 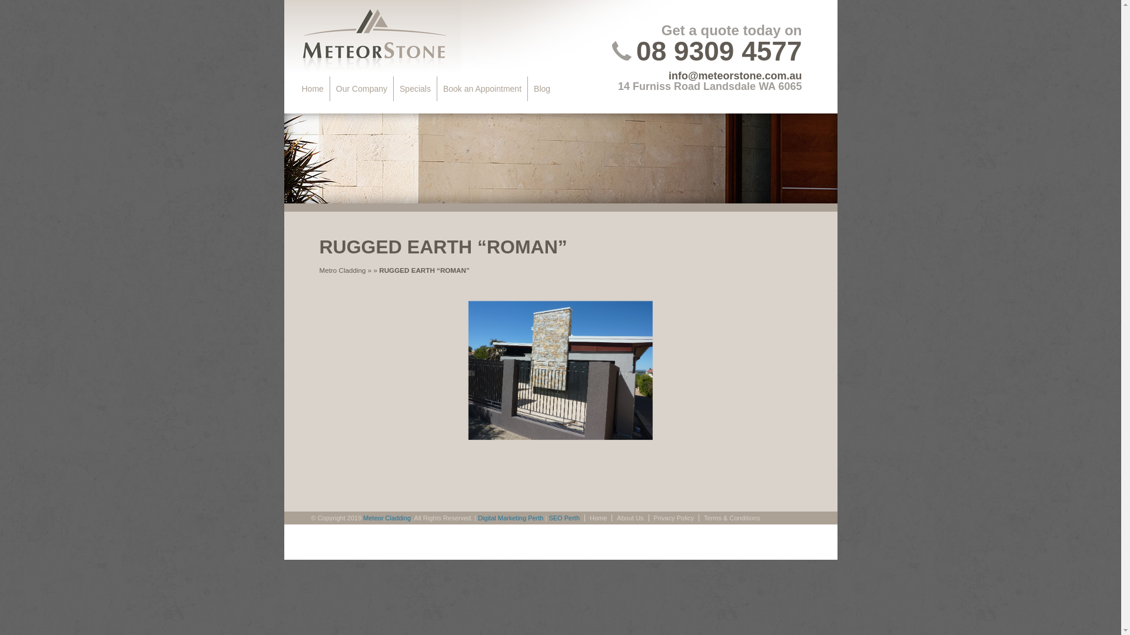 What do you see at coordinates (387, 517) in the screenshot?
I see `'Meteor Cladding'` at bounding box center [387, 517].